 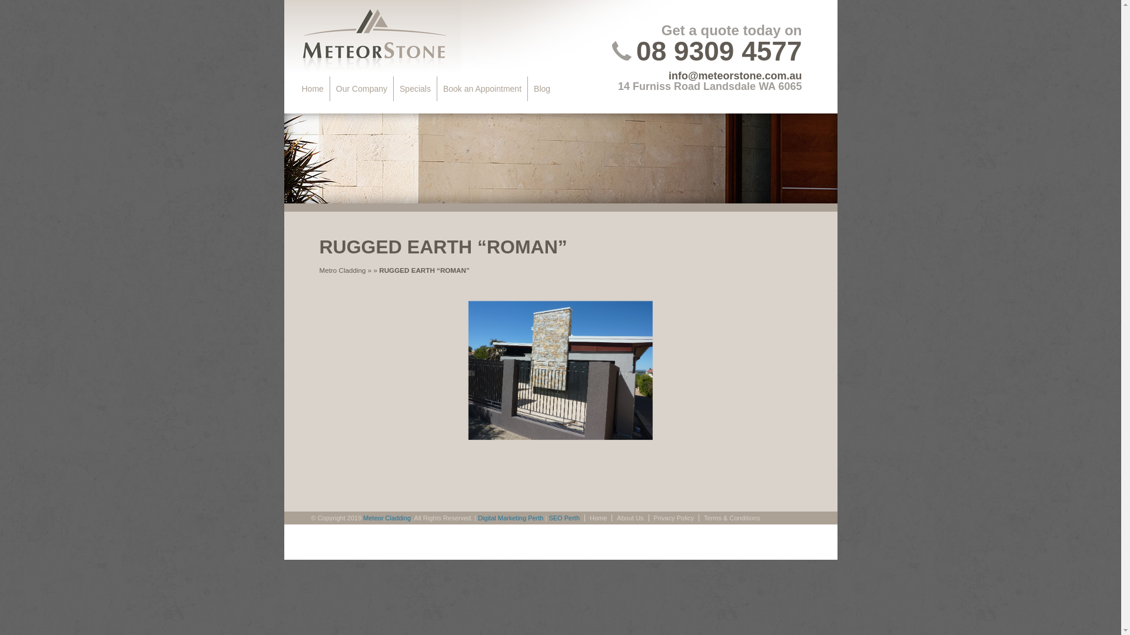 What do you see at coordinates (387, 517) in the screenshot?
I see `'Meteor Cladding'` at bounding box center [387, 517].